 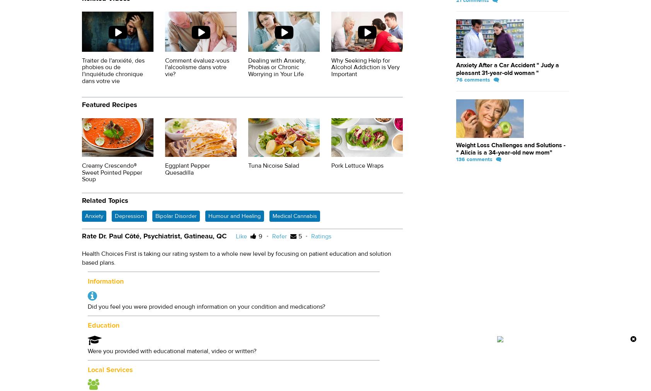 I want to click on 'Medical Cannabis', so click(x=295, y=215).